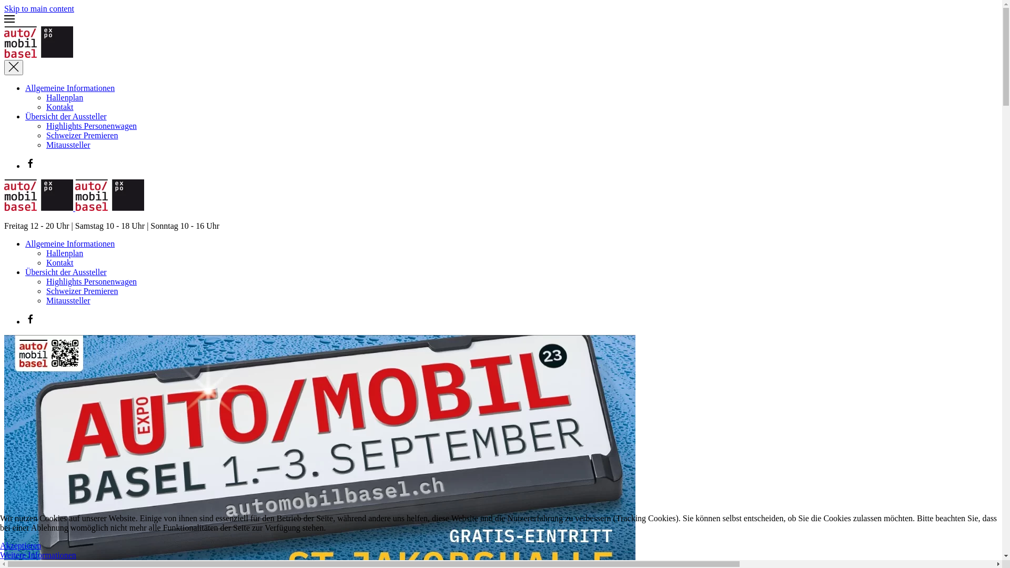 The height and width of the screenshot is (568, 1010). What do you see at coordinates (82, 135) in the screenshot?
I see `'Schweizer Premieren'` at bounding box center [82, 135].